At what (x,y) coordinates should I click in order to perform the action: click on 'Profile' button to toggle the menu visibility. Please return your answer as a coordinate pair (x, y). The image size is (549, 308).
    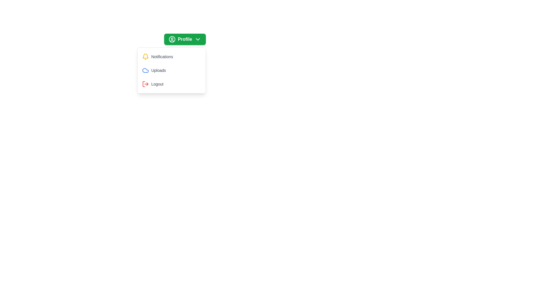
    Looking at the image, I should click on (185, 39).